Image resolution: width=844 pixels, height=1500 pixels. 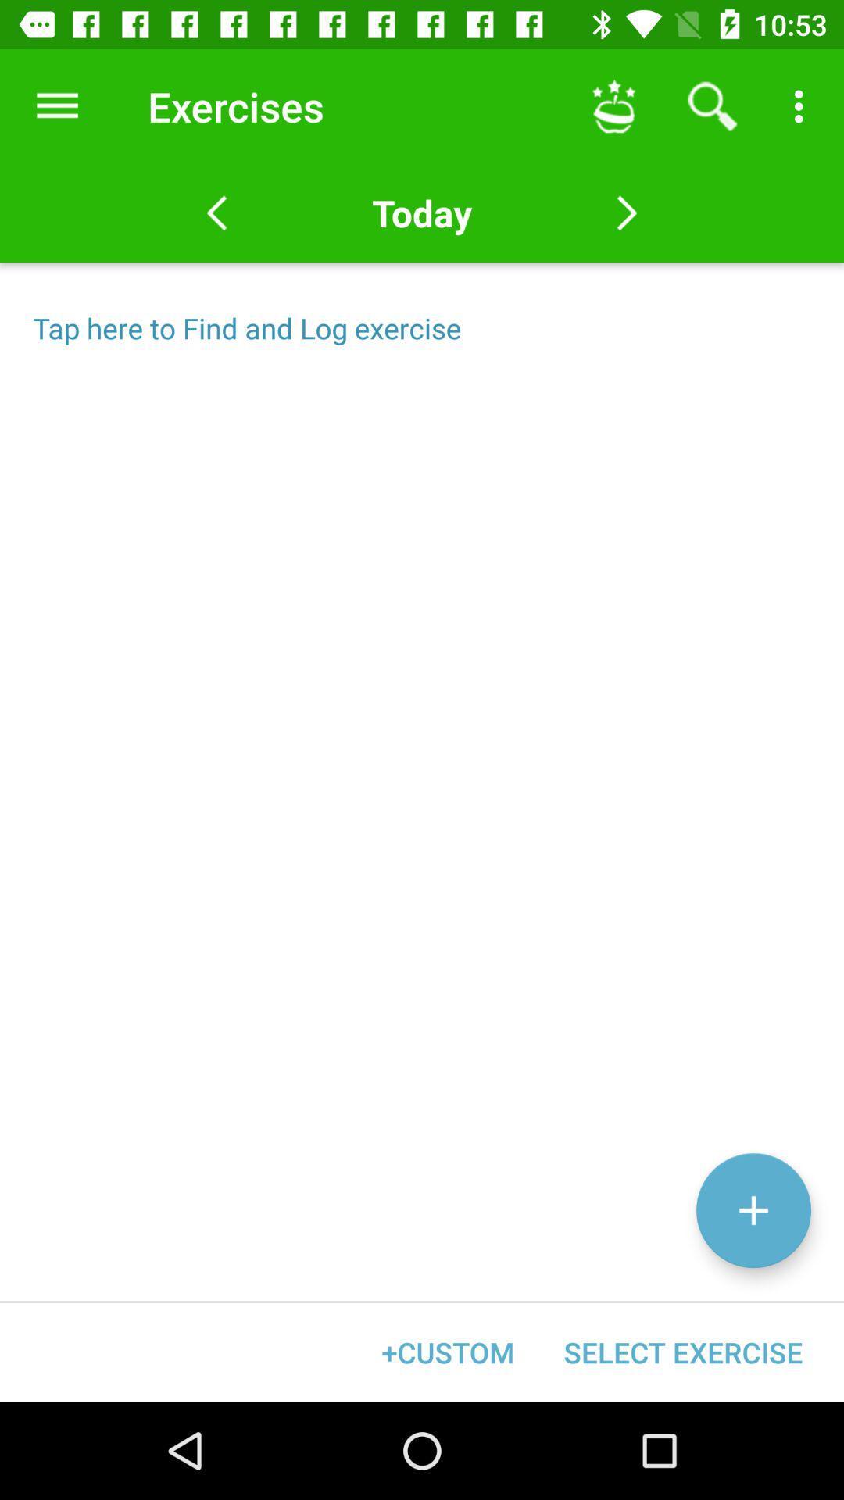 What do you see at coordinates (626, 212) in the screenshot?
I see `tomorrow 's exercises` at bounding box center [626, 212].